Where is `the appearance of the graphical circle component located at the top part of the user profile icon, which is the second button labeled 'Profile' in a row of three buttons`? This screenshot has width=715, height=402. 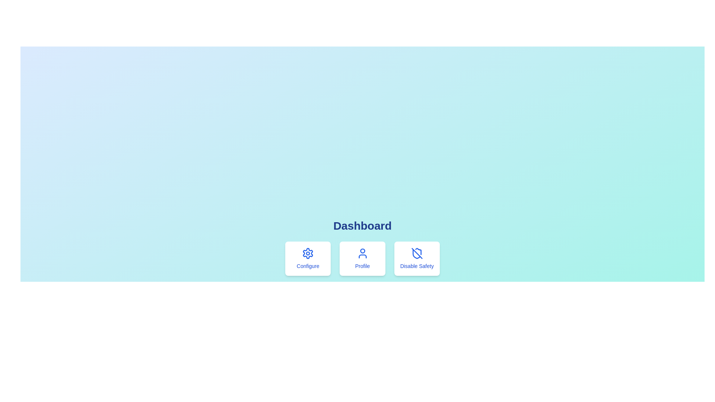 the appearance of the graphical circle component located at the top part of the user profile icon, which is the second button labeled 'Profile' in a row of three buttons is located at coordinates (362, 251).